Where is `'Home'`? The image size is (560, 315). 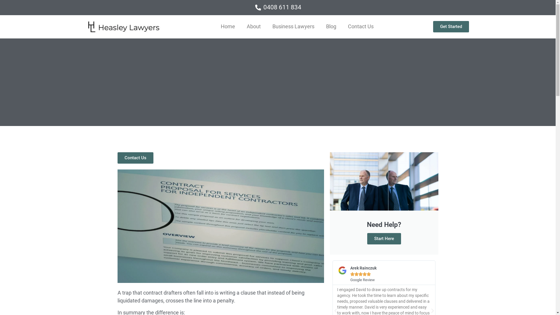 'Home' is located at coordinates (215, 27).